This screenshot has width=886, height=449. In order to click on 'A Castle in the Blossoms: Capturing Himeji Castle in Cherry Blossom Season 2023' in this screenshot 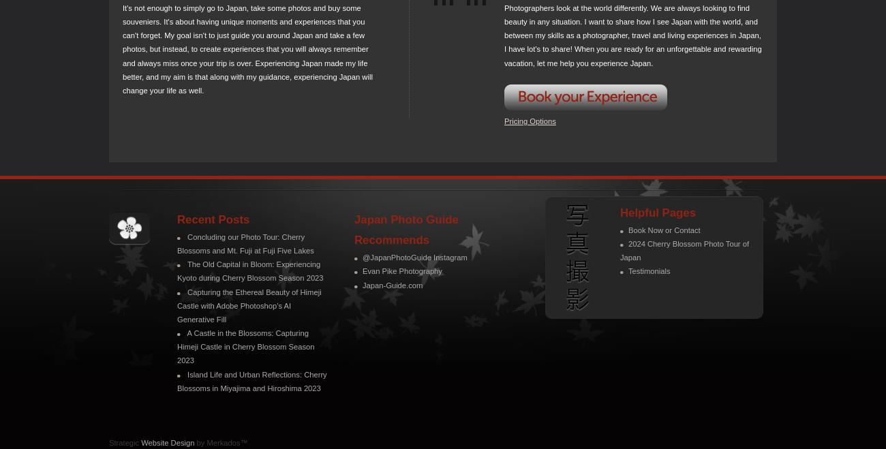, I will do `click(245, 347)`.